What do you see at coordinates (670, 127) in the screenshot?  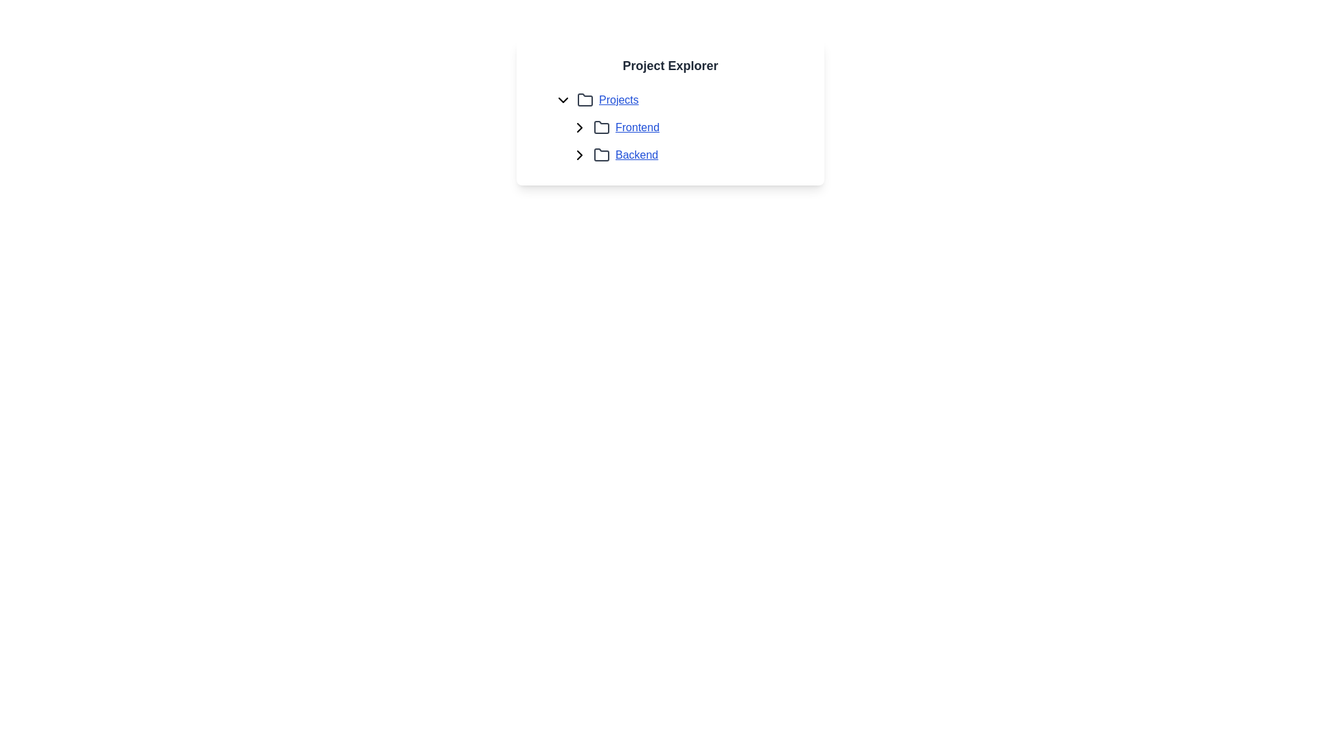 I see `the Interactive navigation link for the 'Frontend' section` at bounding box center [670, 127].